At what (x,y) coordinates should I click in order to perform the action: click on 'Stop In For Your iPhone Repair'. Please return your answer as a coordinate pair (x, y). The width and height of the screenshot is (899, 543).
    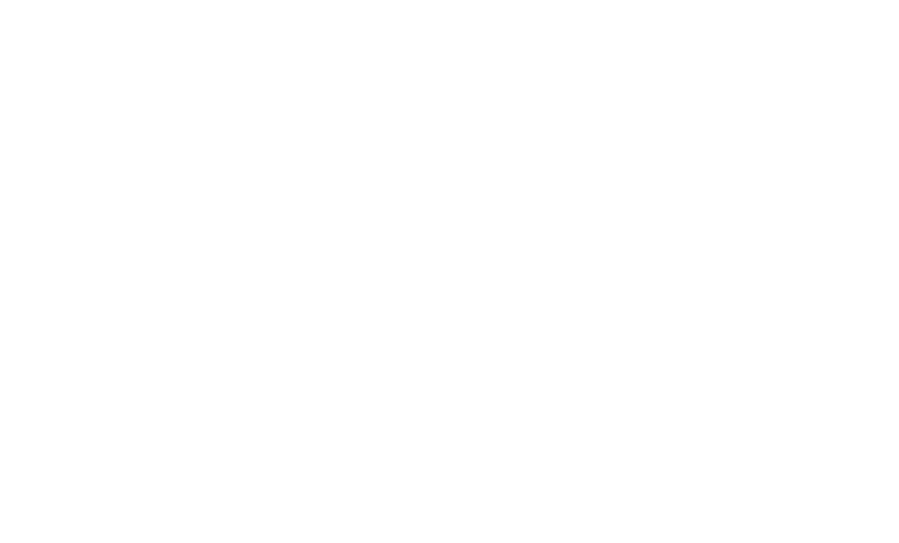
    Looking at the image, I should click on (449, 383).